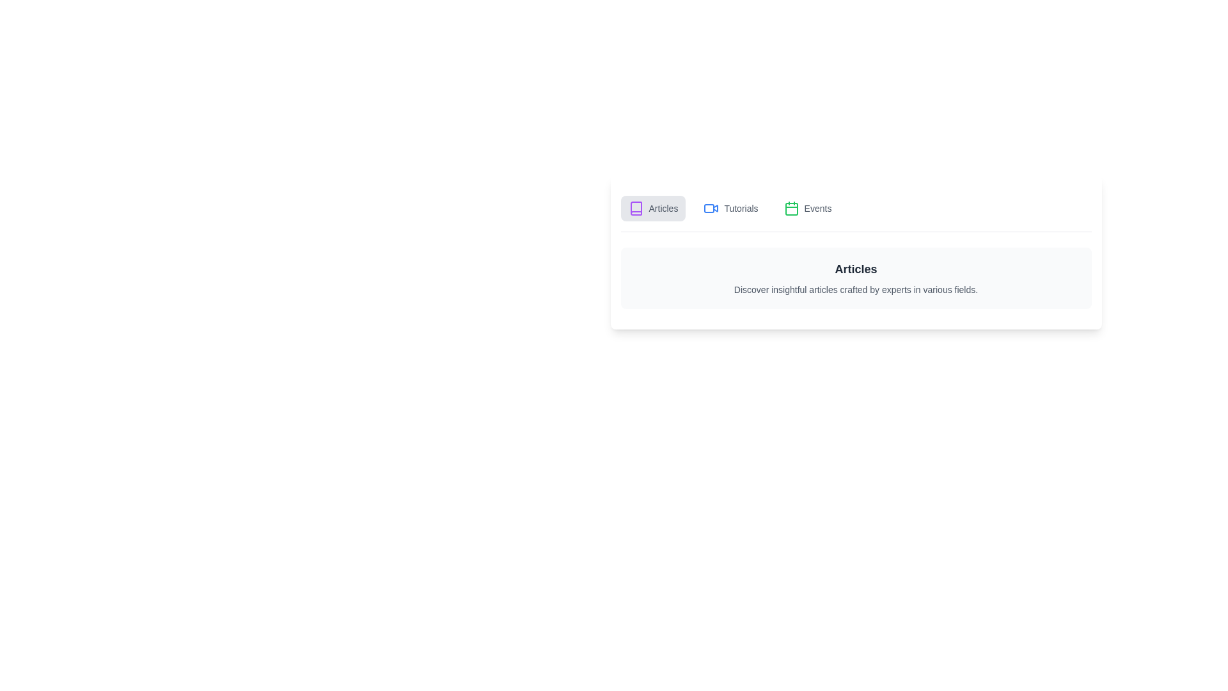  Describe the element at coordinates (807, 208) in the screenshot. I see `the Events tab to view its content` at that location.